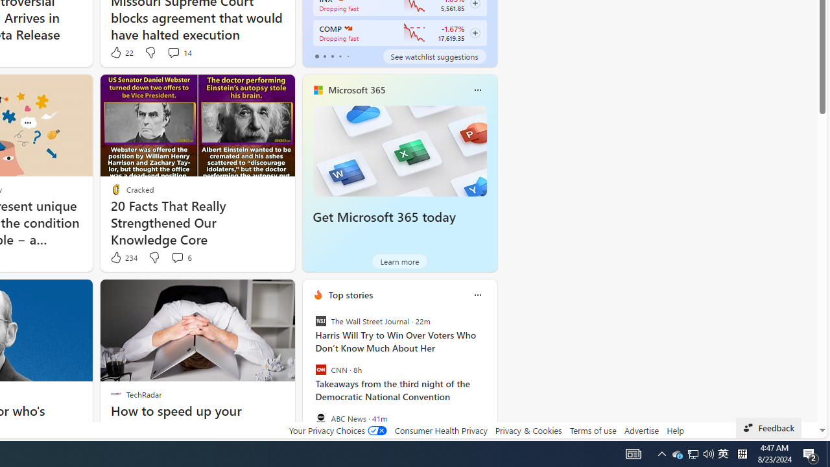  Describe the element at coordinates (121, 52) in the screenshot. I see `'22 Like'` at that location.